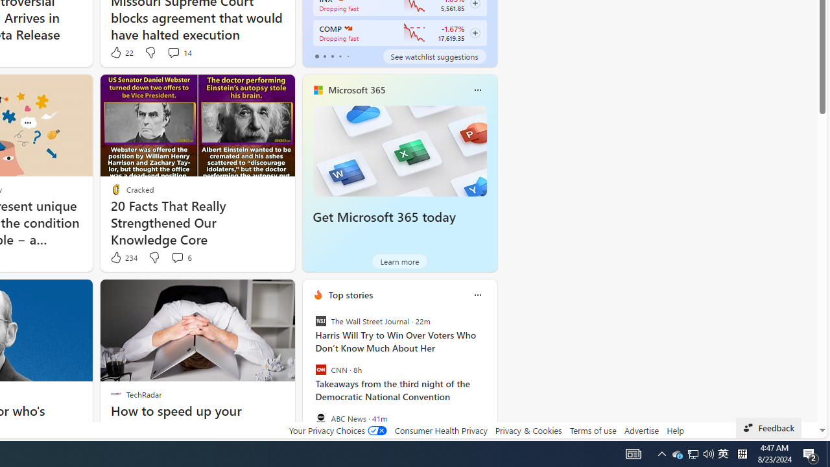  Describe the element at coordinates (121, 52) in the screenshot. I see `'22 Like'` at that location.